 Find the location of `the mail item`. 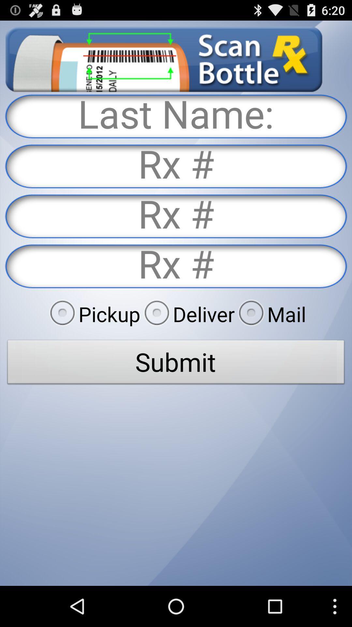

the mail item is located at coordinates (270, 314).